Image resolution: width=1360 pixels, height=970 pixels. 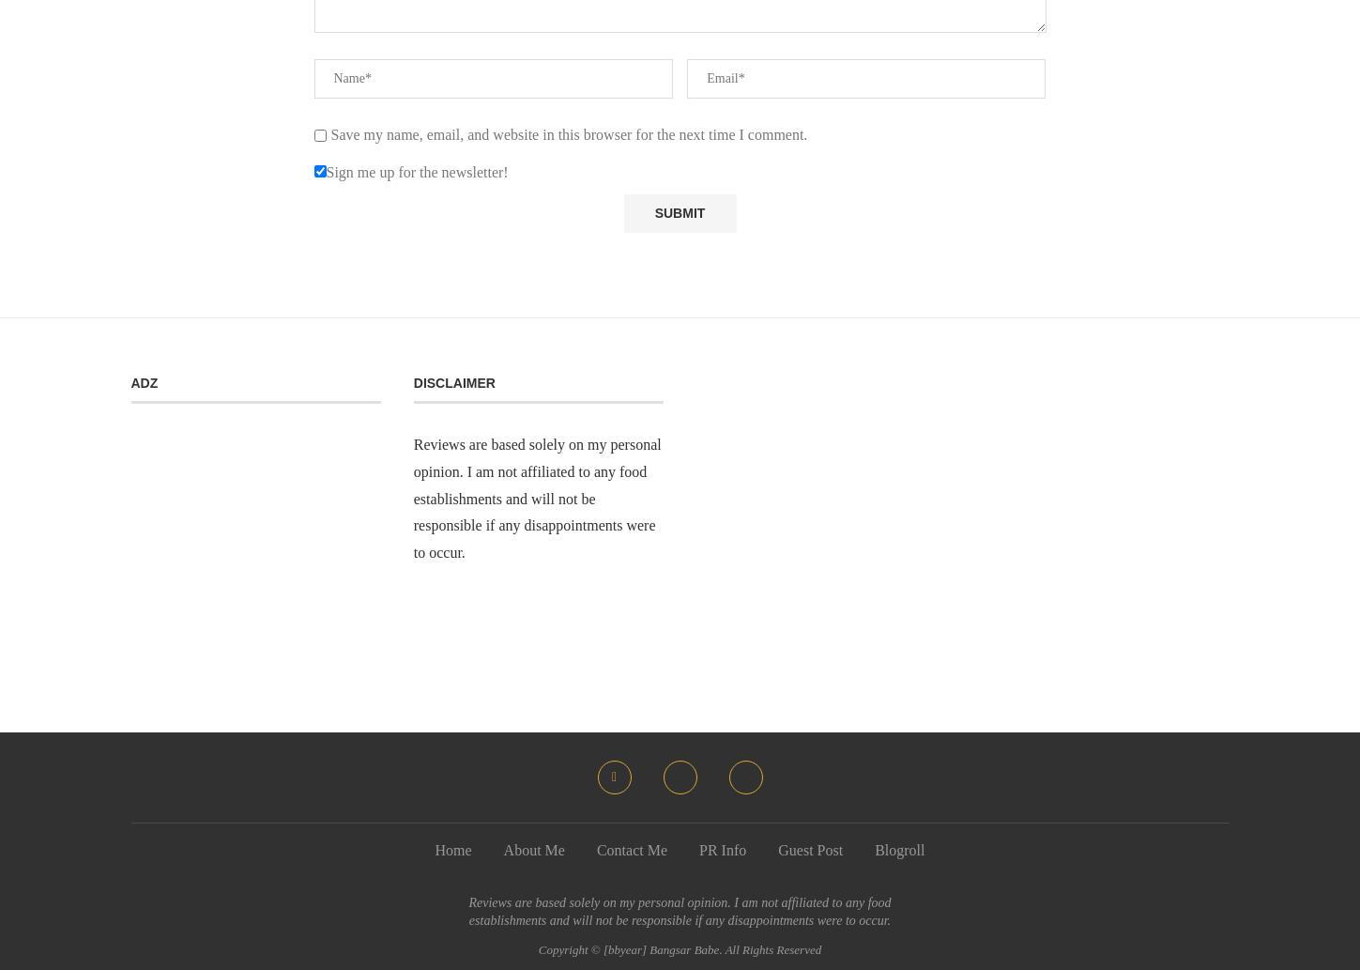 I want to click on 'Sign me up for the newsletter!', so click(x=416, y=171).